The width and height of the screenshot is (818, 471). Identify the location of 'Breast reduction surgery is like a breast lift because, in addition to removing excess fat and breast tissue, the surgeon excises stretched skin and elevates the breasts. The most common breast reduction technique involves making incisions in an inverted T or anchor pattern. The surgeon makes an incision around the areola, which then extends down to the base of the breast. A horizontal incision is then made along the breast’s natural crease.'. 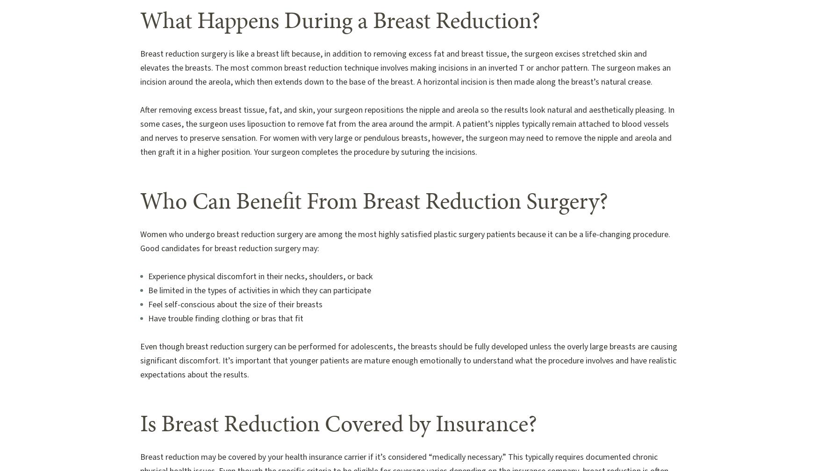
(405, 68).